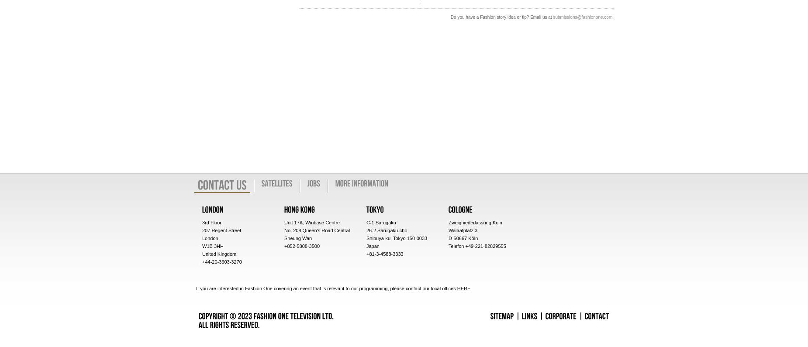  Describe the element at coordinates (463, 288) in the screenshot. I see `'HERE'` at that location.